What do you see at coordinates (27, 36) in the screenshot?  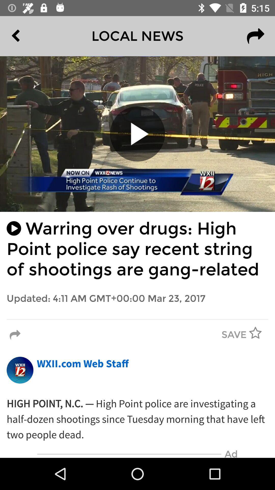 I see `item next to local news icon` at bounding box center [27, 36].